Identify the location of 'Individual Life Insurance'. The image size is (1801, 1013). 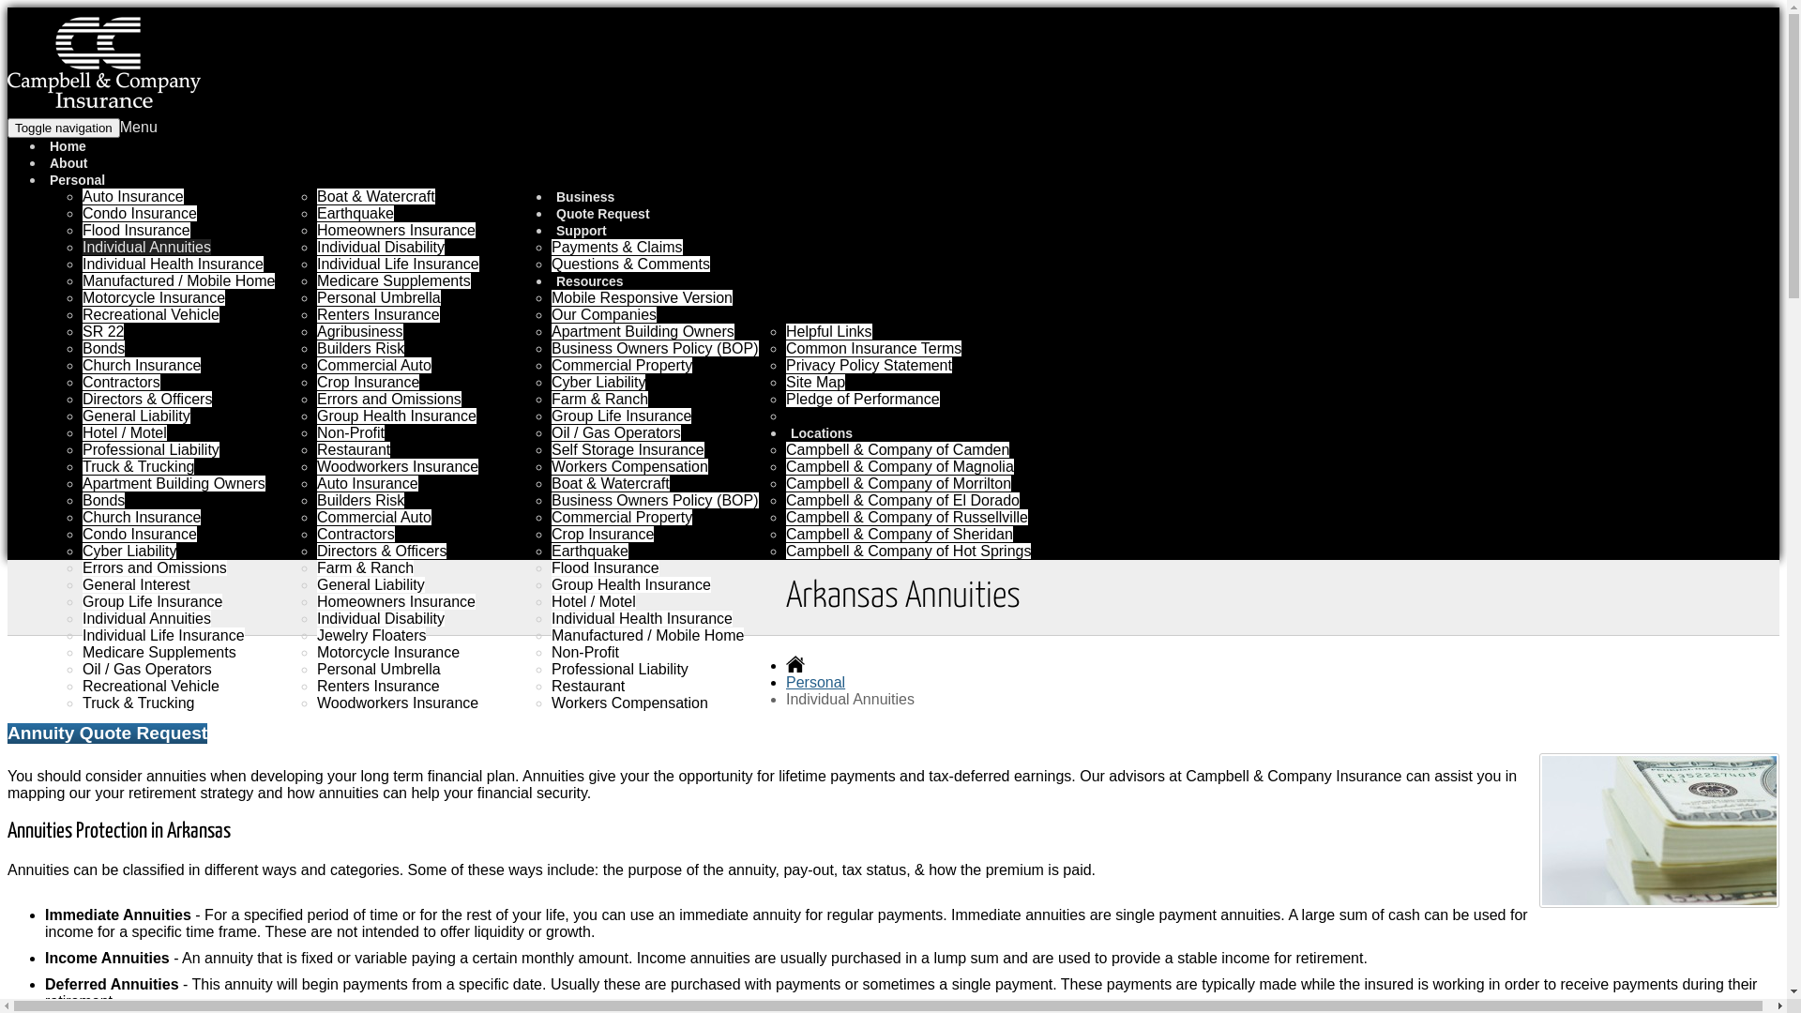
(163, 634).